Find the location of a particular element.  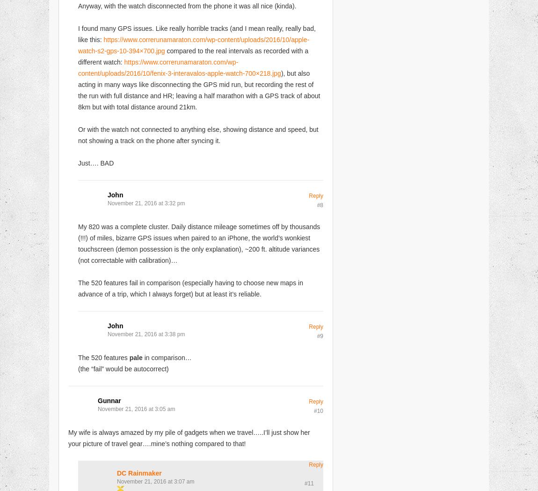

'My 820 was a complete cluster. Daily distance mileage sometimes off by thousands (!!!) of miles, bizarre GPS issues when paired to an iPhone, the world’s wonkiest touchscreen (demon possession is the only explanation), ~200 ft. altitude variances (not correctable with calibration)…' is located at coordinates (199, 242).